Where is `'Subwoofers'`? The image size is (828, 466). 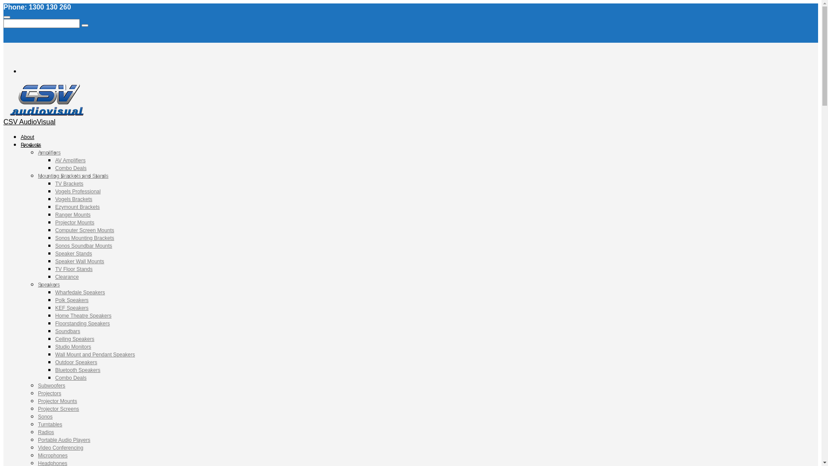 'Subwoofers' is located at coordinates (37, 385).